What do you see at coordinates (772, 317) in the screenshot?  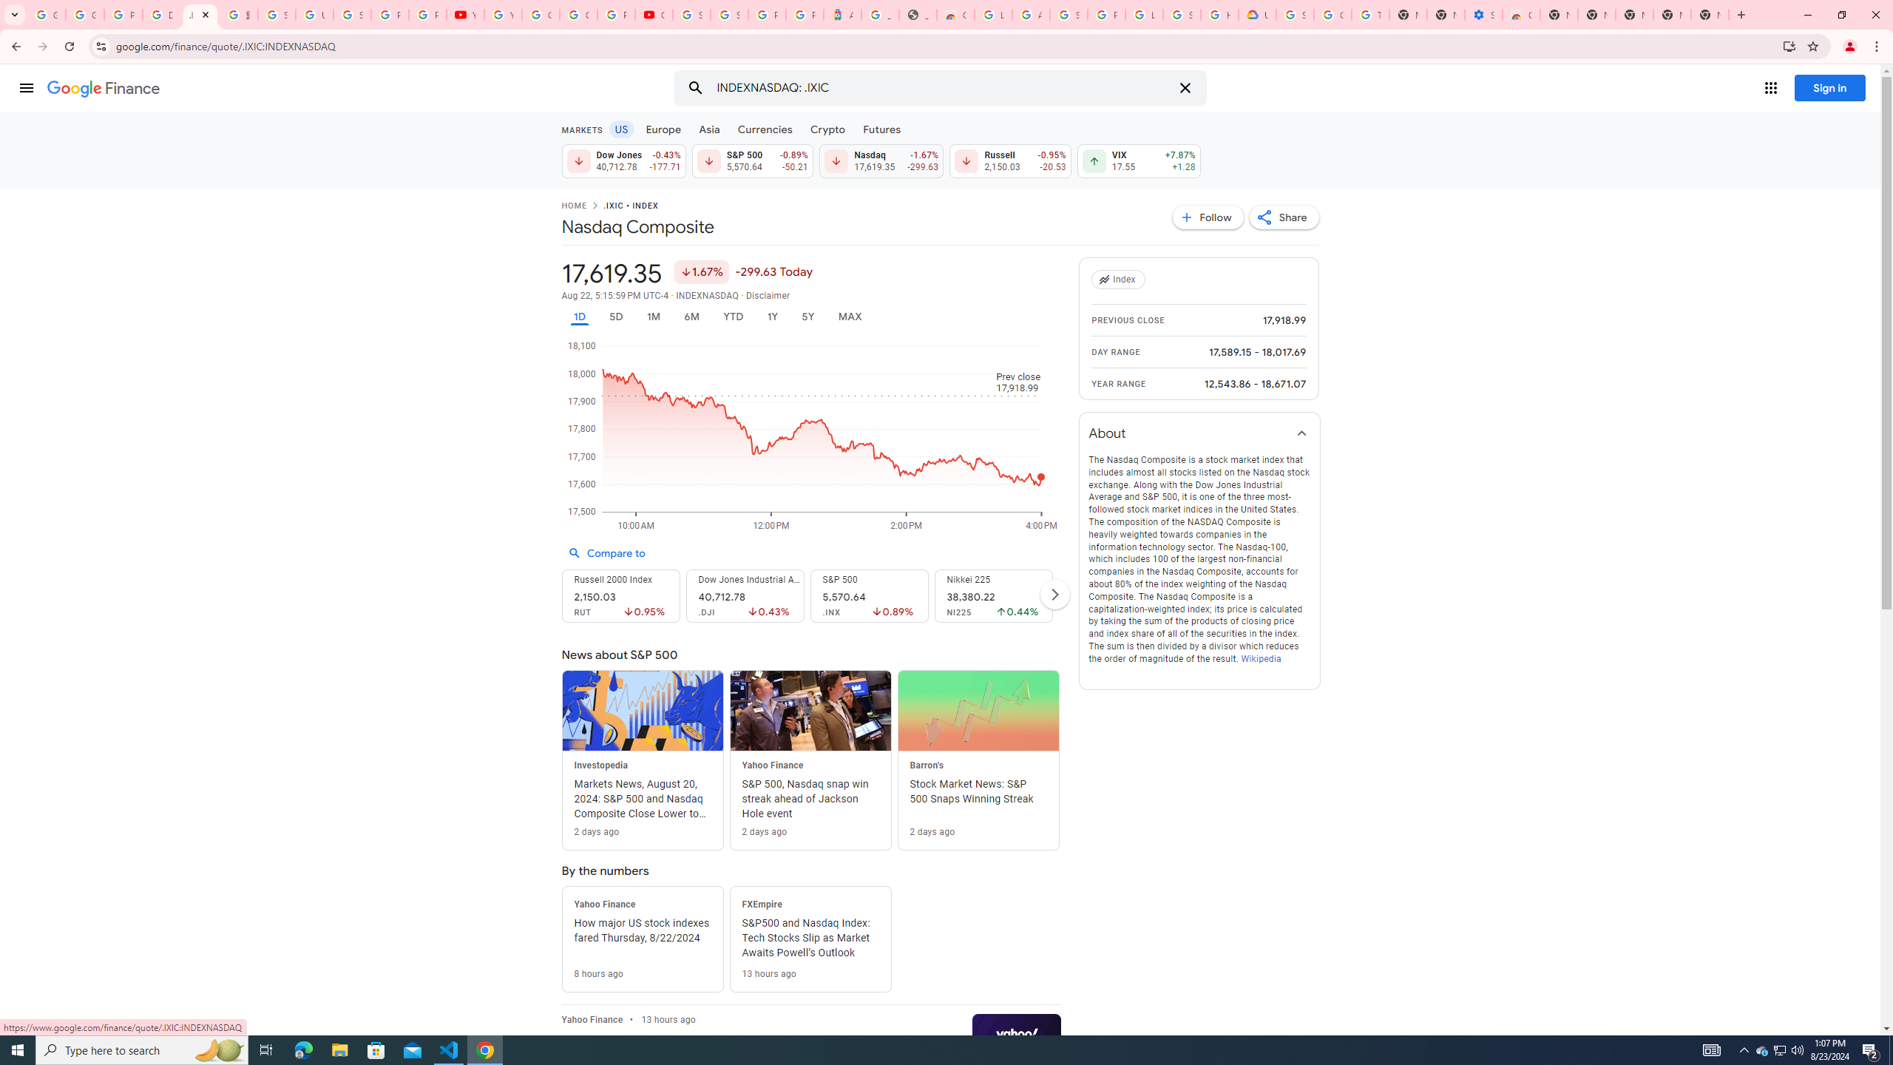 I see `'1Y'` at bounding box center [772, 317].